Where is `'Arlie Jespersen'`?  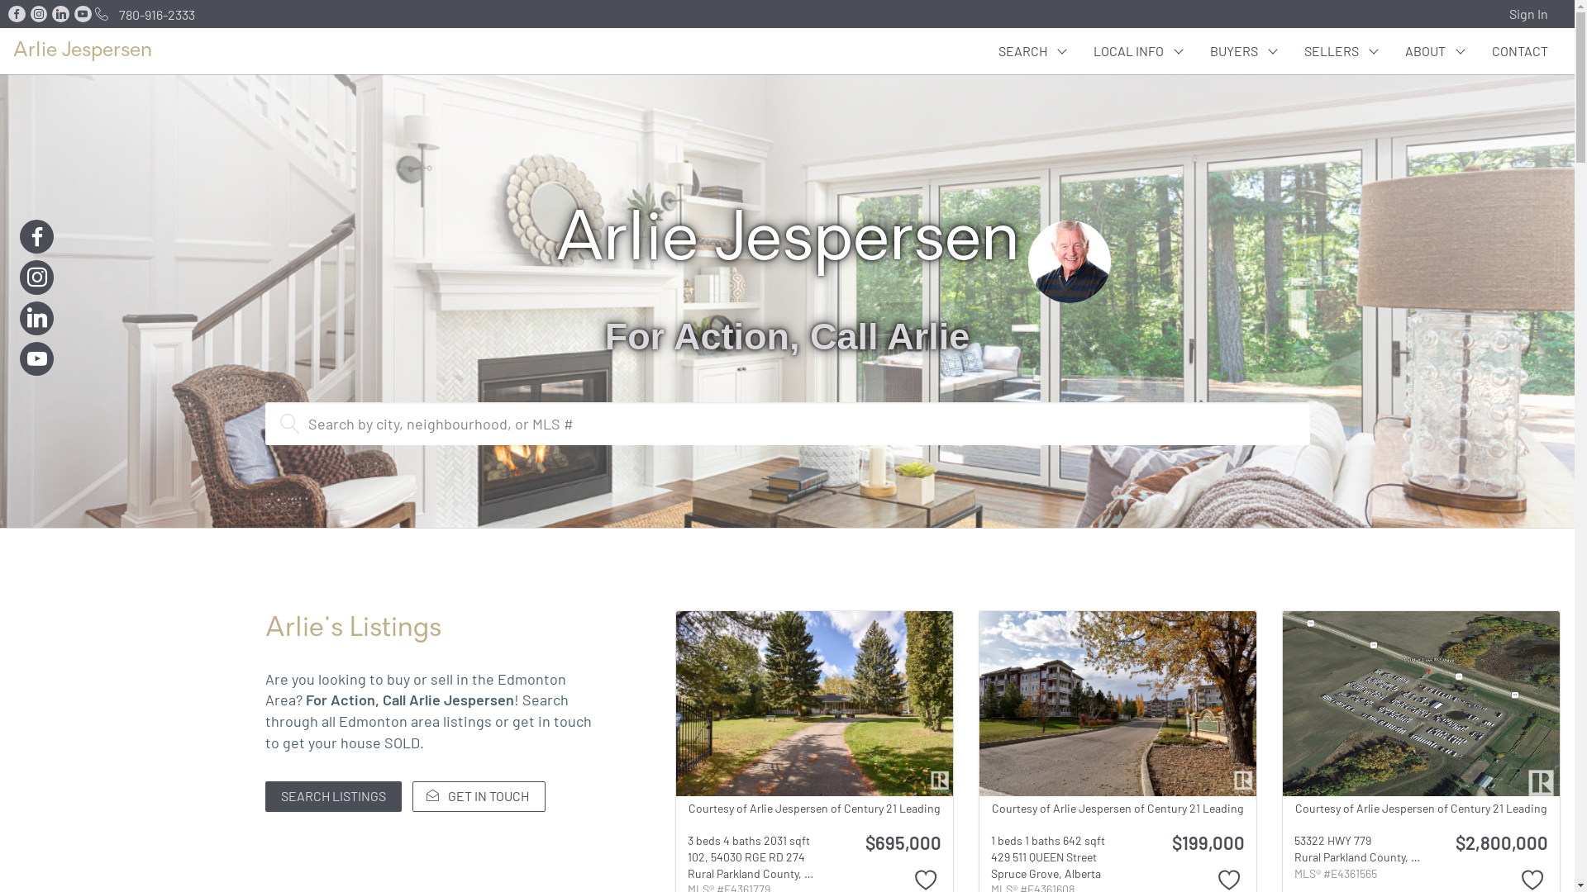 'Arlie Jespersen' is located at coordinates (12, 50).